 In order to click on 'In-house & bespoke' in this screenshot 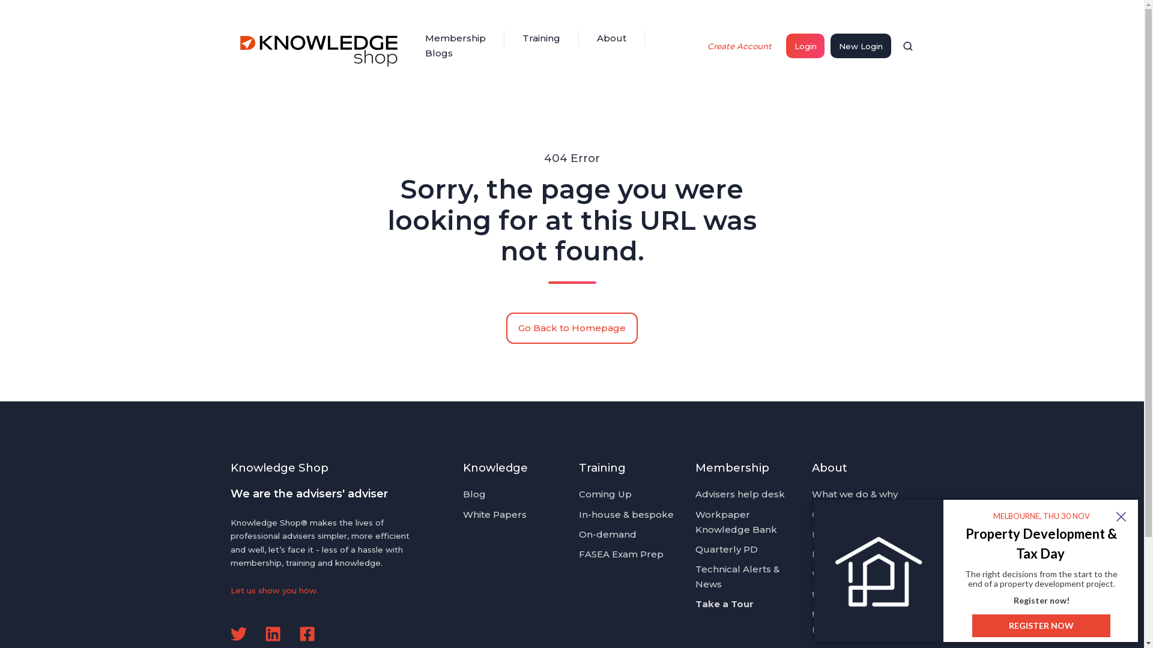, I will do `click(579, 514)`.